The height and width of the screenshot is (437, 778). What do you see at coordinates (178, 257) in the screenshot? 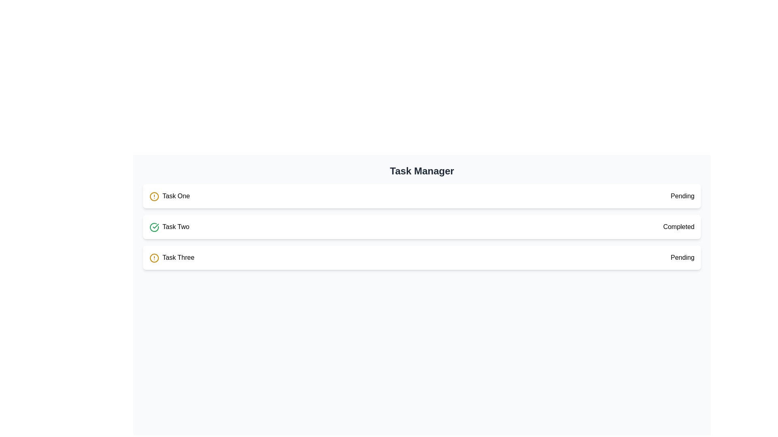
I see `the text label reading 'Task Three' which is part of the Task Manager section and is aligned with the alert icon and the 'Pending' text` at bounding box center [178, 257].